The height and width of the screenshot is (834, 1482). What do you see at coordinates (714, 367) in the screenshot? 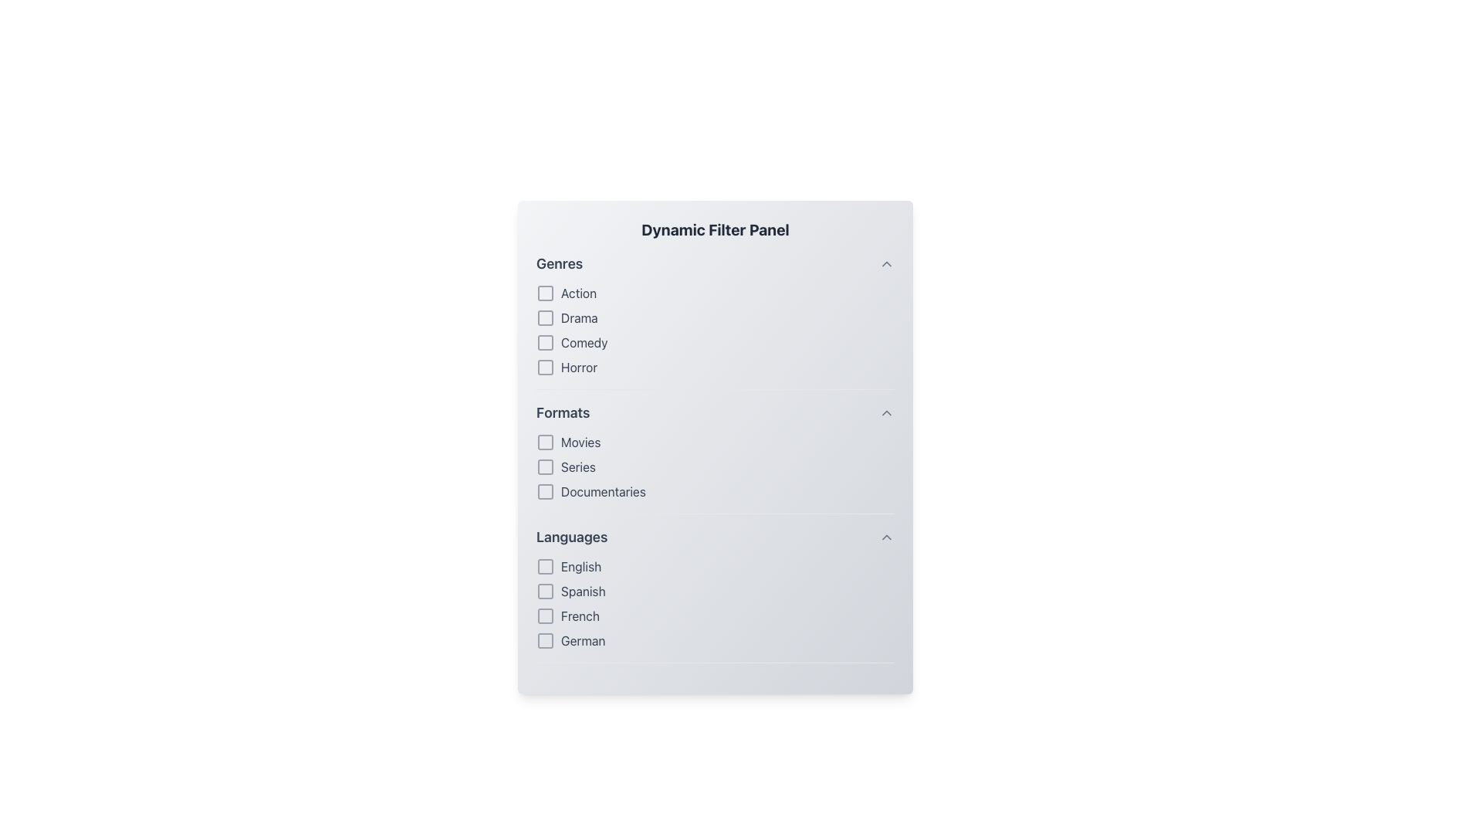
I see `the 'Horror' checkbox in the 'Genres' section of the filter panel` at bounding box center [714, 367].